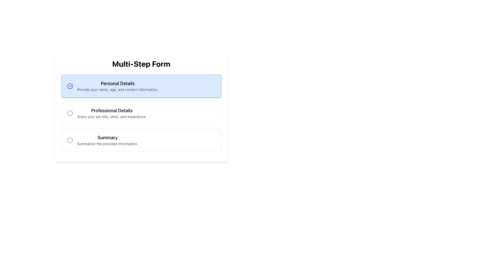  I want to click on the Text Label displaying 'Professional Details' which is the second card in the multi-step form, located below 'Personal Details' and above 'Summary', so click(111, 113).